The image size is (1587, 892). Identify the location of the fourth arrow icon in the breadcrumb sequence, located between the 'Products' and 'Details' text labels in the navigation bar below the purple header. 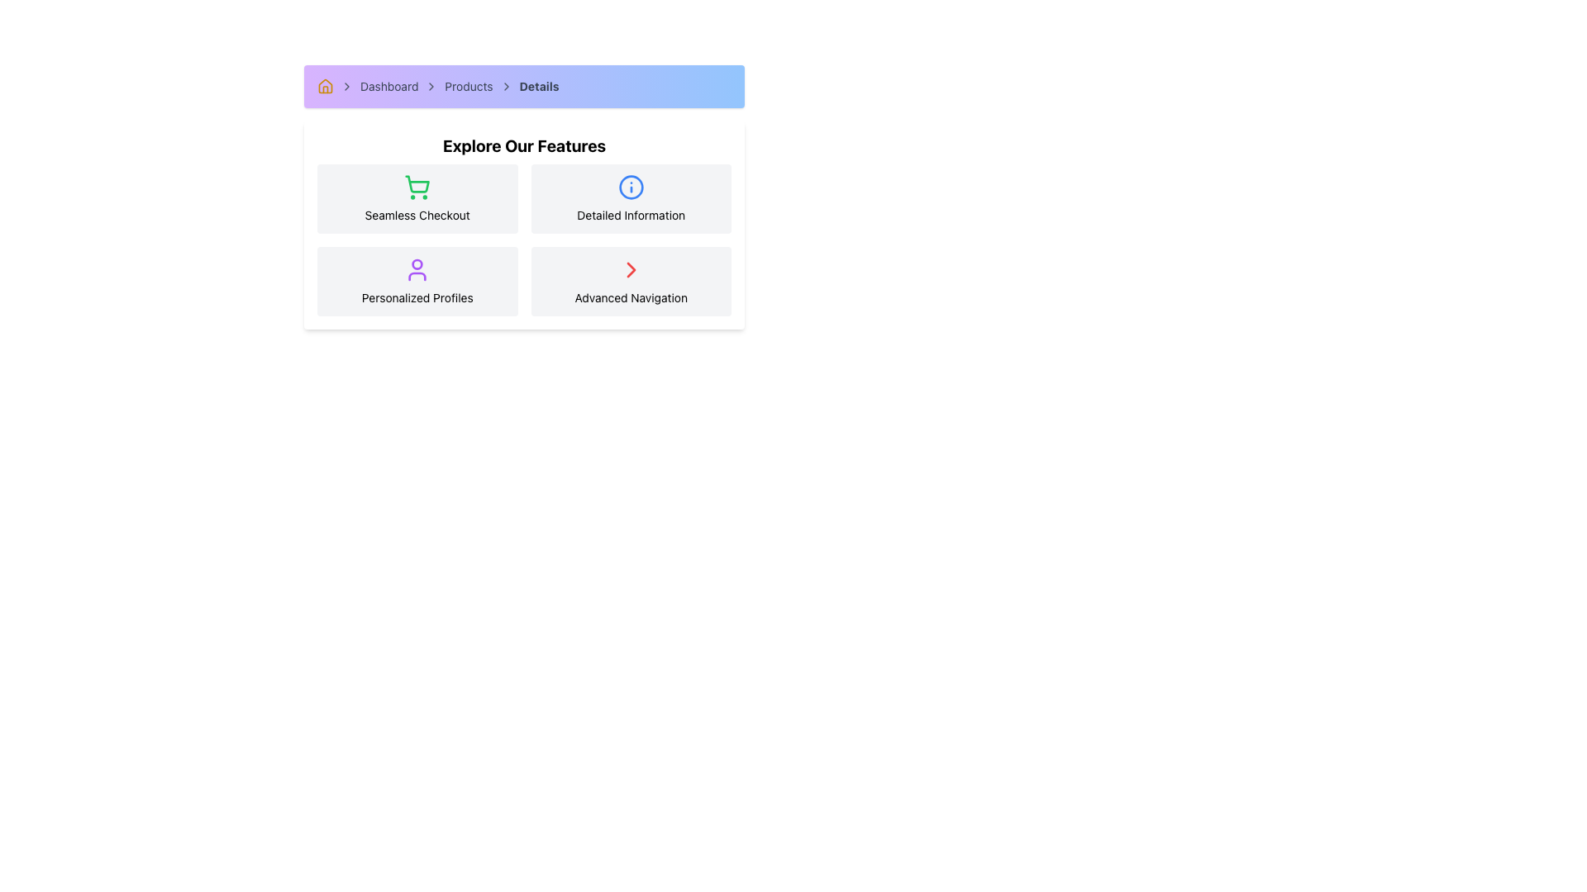
(505, 86).